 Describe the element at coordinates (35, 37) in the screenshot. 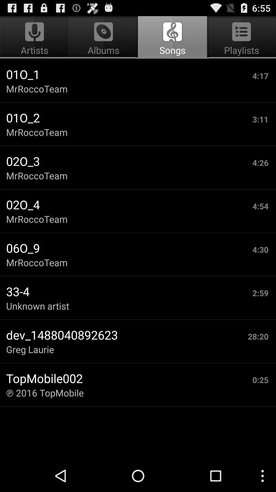

I see `app next to songs app` at that location.